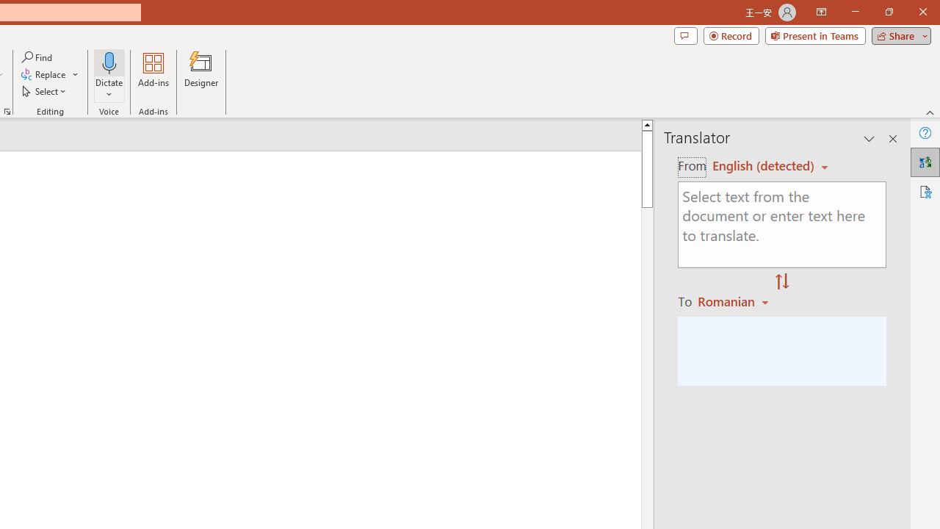 The height and width of the screenshot is (529, 940). Describe the element at coordinates (735, 301) in the screenshot. I see `'Romanian'` at that location.